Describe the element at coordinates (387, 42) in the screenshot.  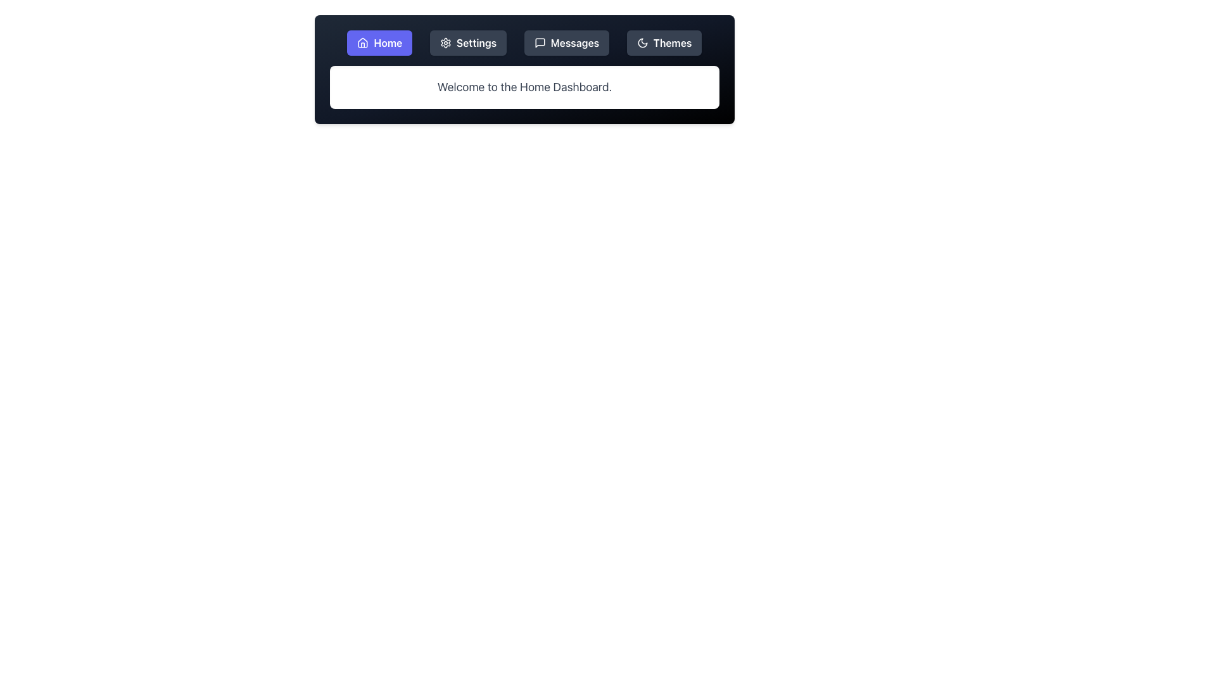
I see `the 'Home' text label in the navigation bar` at that location.